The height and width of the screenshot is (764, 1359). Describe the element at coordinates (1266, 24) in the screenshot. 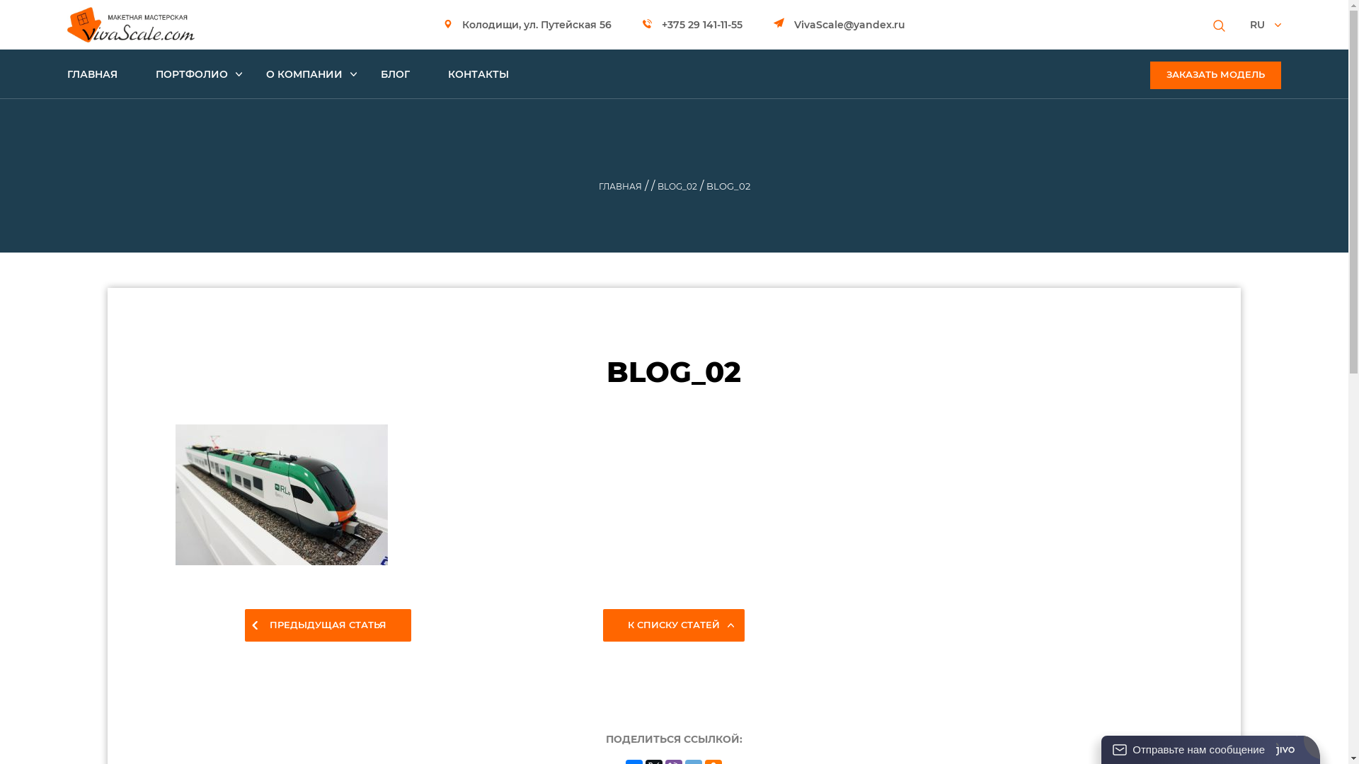

I see `'RU'` at that location.